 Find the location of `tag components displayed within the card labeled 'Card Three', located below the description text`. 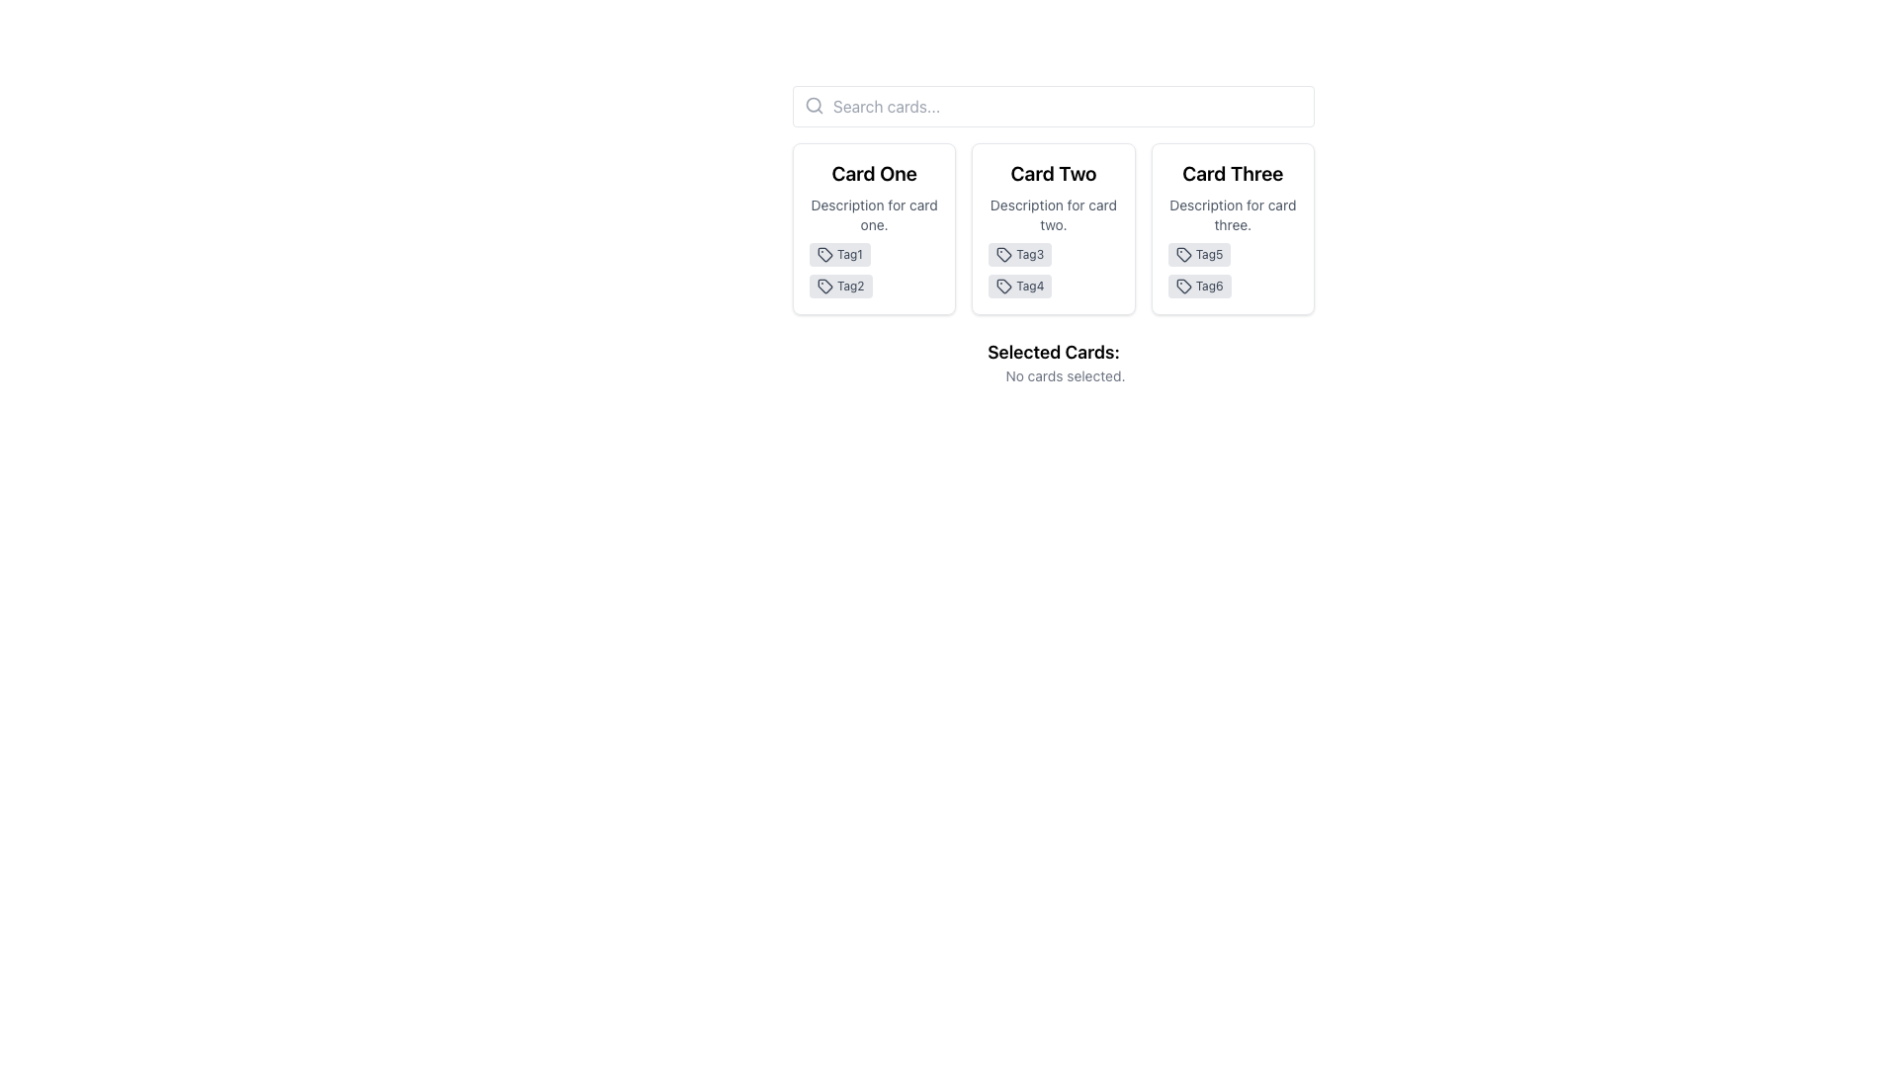

tag components displayed within the card labeled 'Card Three', located below the description text is located at coordinates (1232, 270).